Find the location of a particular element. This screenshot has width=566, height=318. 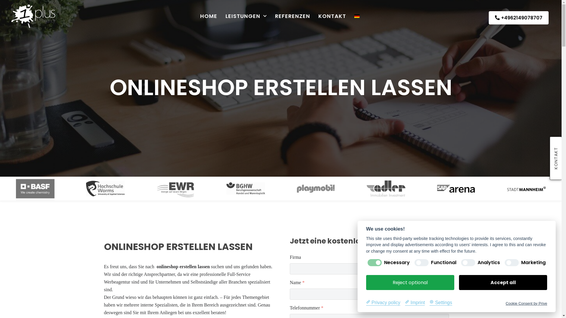

'Settings' is located at coordinates (440, 302).